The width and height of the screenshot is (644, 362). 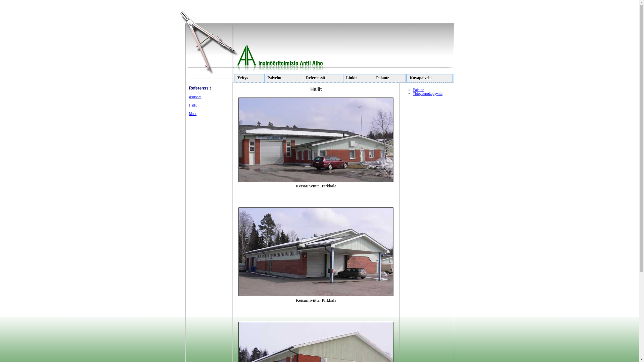 What do you see at coordinates (358, 78) in the screenshot?
I see `'Linkit'` at bounding box center [358, 78].